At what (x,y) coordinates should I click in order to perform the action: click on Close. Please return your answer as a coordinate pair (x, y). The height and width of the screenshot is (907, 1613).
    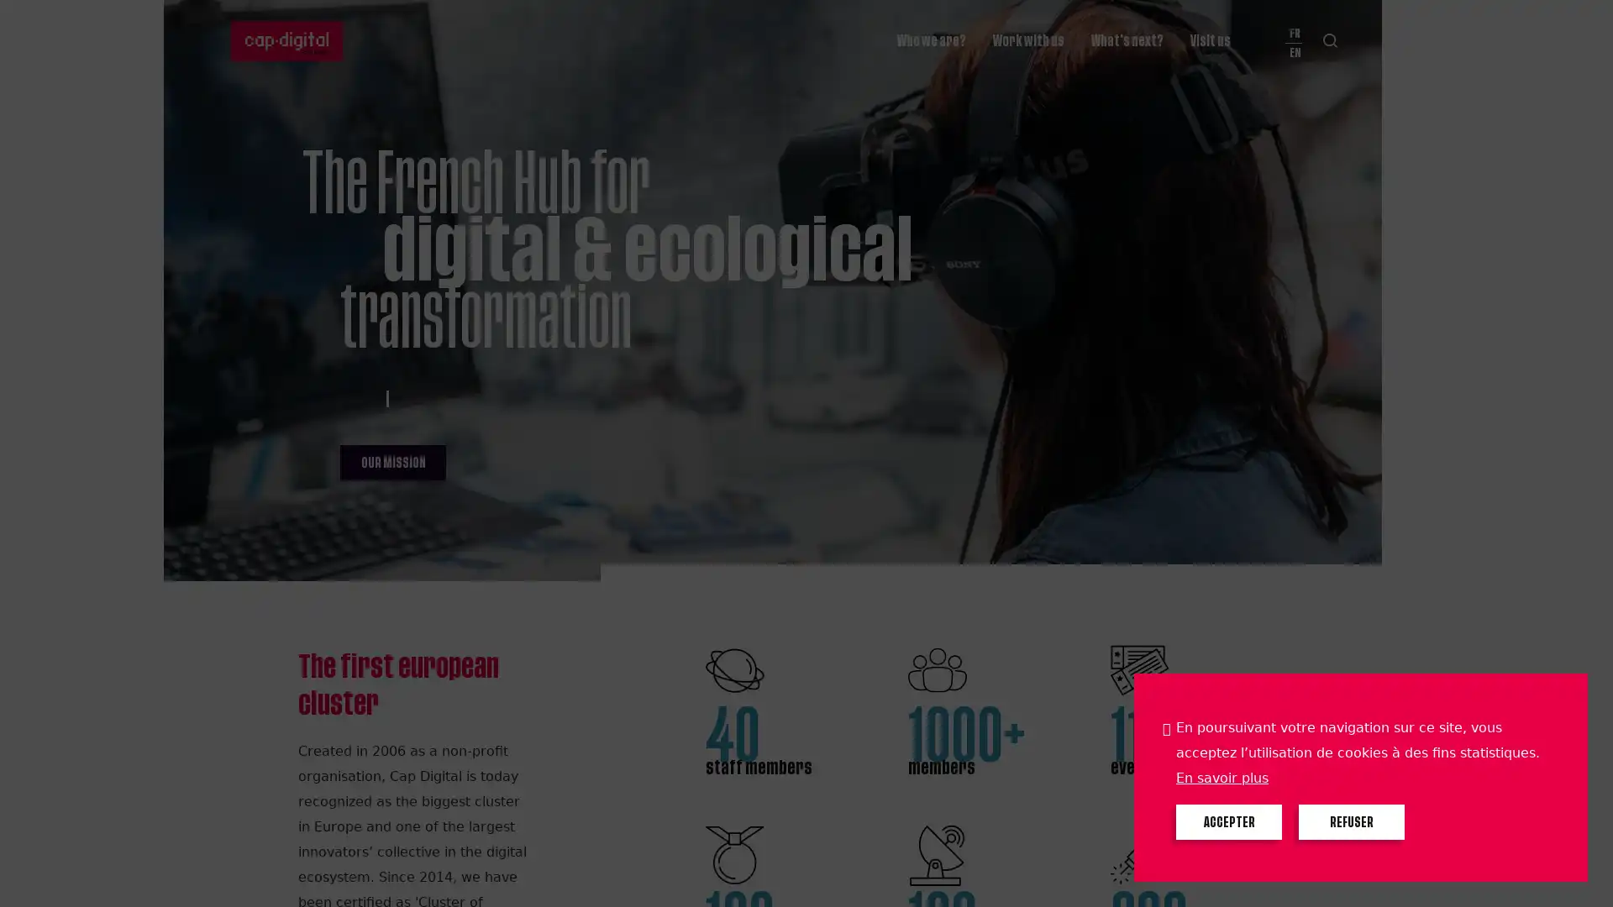
    Looking at the image, I should click on (1584, 23).